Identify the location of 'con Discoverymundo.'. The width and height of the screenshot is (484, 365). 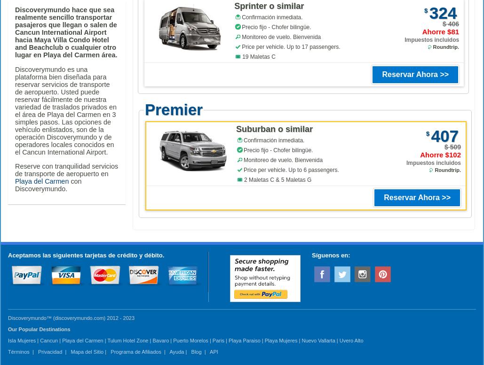
(48, 185).